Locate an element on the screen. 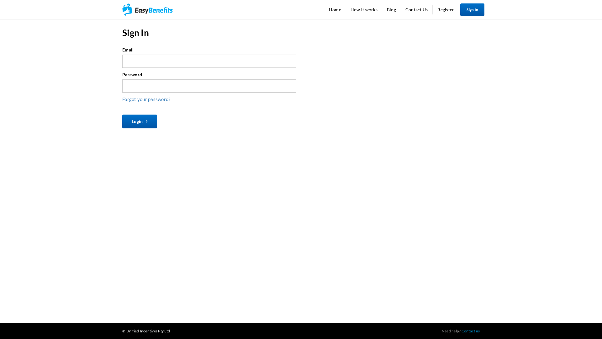 The height and width of the screenshot is (339, 602). 'How it works' is located at coordinates (364, 9).